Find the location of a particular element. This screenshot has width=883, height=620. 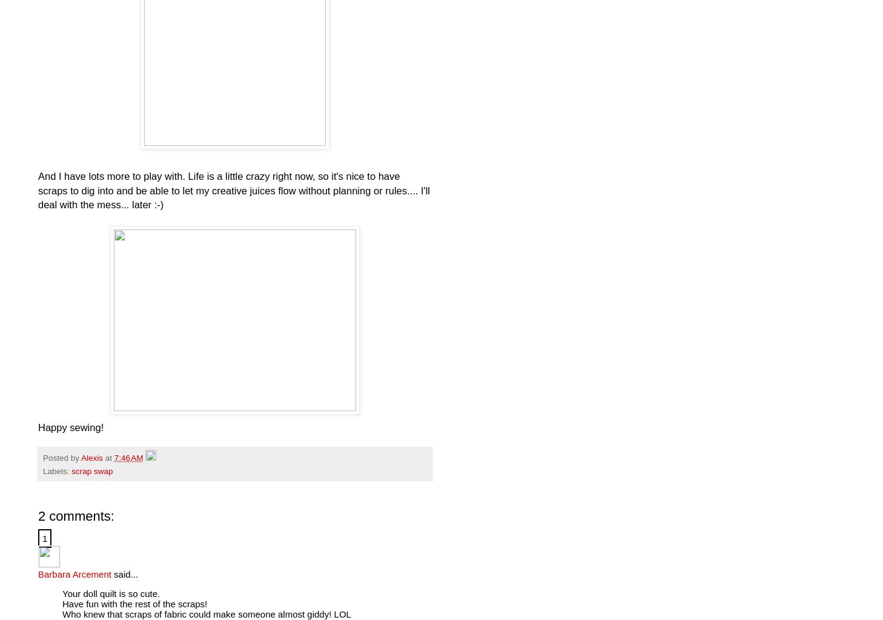

'Have fun with the rest of the scraps!' is located at coordinates (134, 603).